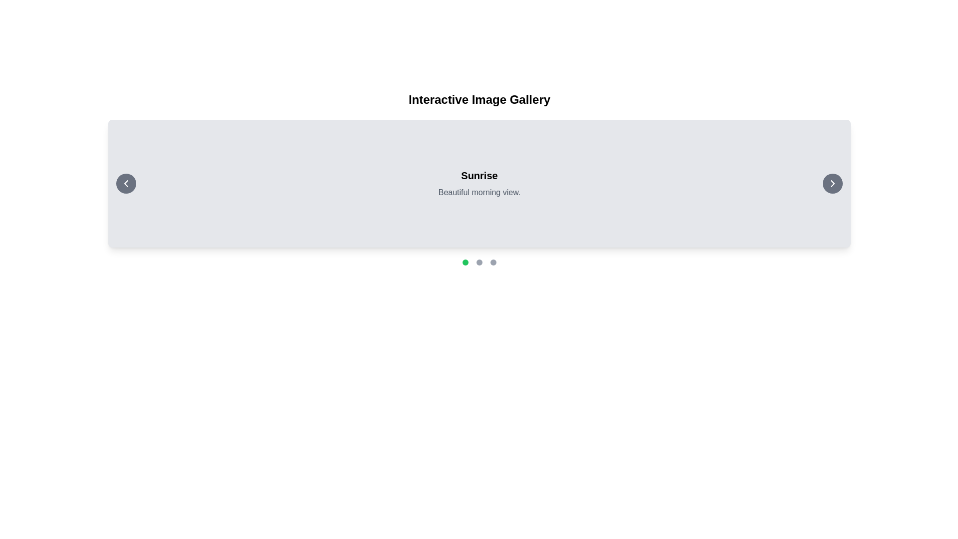 The height and width of the screenshot is (539, 958). I want to click on the text field containing the phrase 'Beautiful morning view.' which is styled in gray color and located below the 'Sunrise' title, so click(479, 192).